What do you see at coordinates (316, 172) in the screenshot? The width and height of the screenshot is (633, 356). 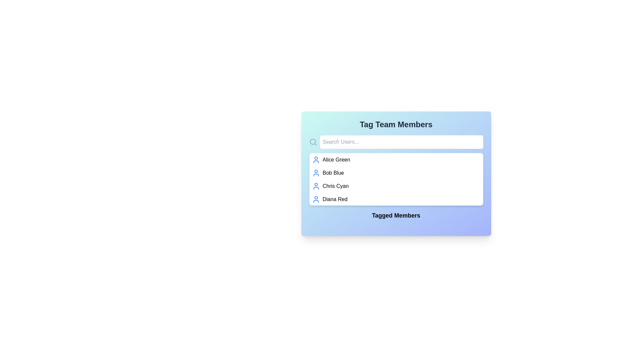 I see `the user profile icon located to the immediate left of the text 'Bob Blue' in the 'Tag Team Members' section` at bounding box center [316, 172].